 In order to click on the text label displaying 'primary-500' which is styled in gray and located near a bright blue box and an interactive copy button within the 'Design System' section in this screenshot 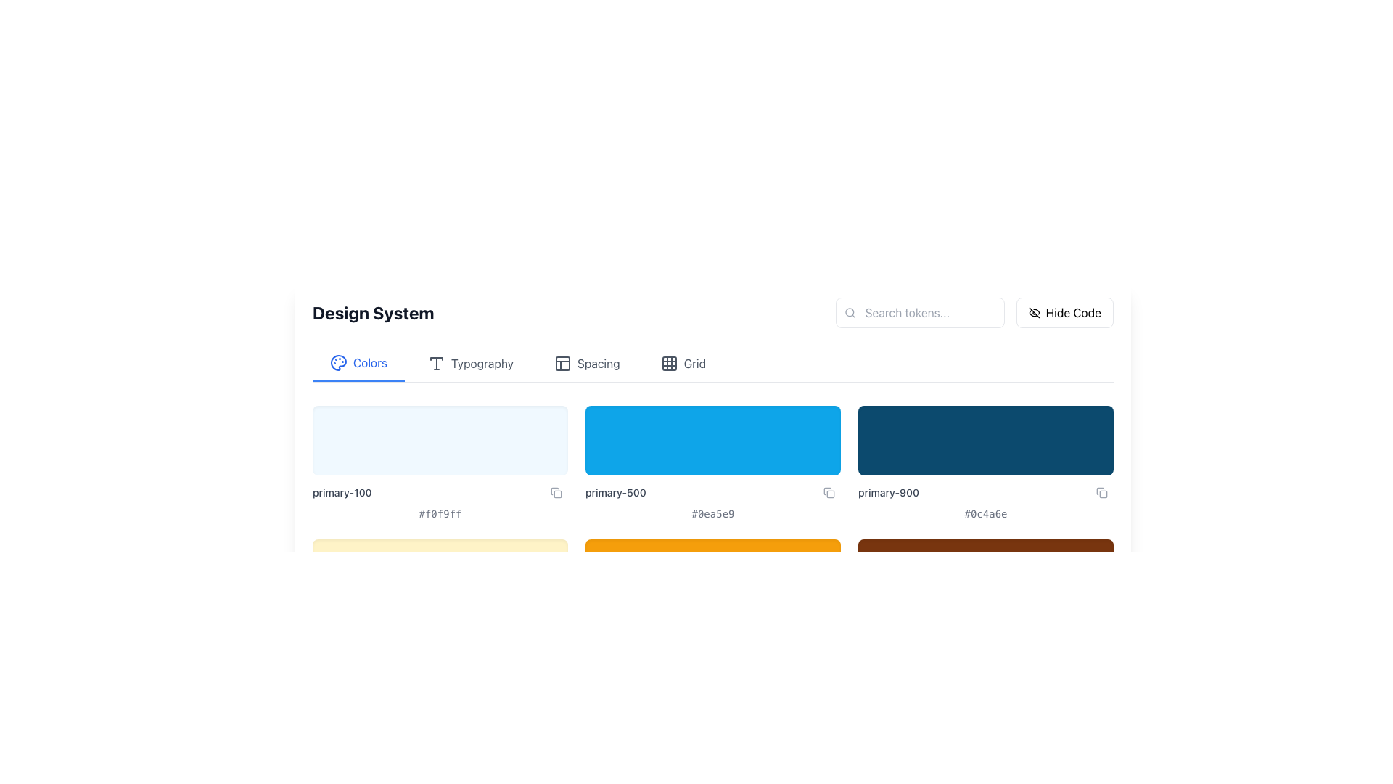, I will do `click(615, 491)`.